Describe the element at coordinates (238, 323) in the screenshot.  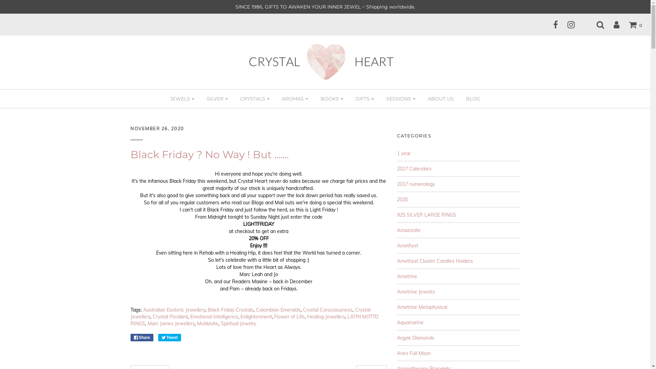
I see `'Spiritual Jewelry'` at that location.